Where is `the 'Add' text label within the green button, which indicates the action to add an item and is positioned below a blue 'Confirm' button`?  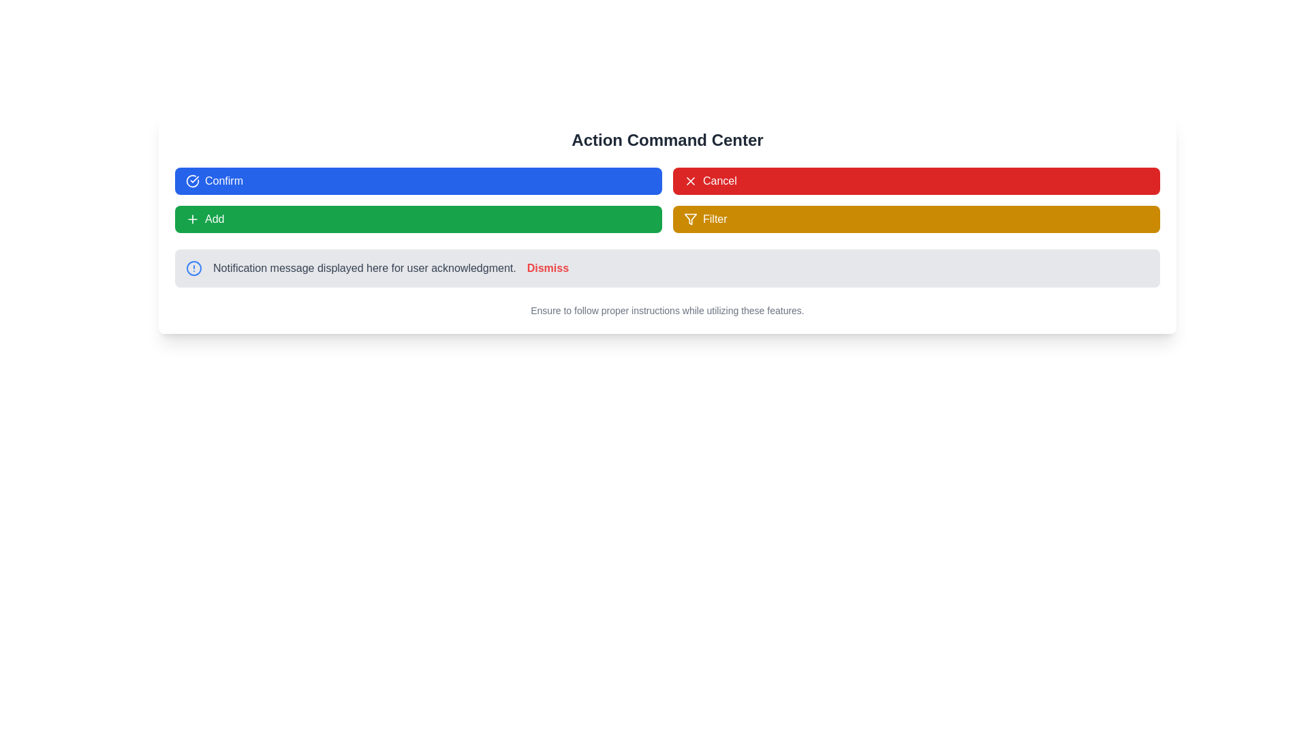
the 'Add' text label within the green button, which indicates the action to add an item and is positioned below a blue 'Confirm' button is located at coordinates (214, 218).